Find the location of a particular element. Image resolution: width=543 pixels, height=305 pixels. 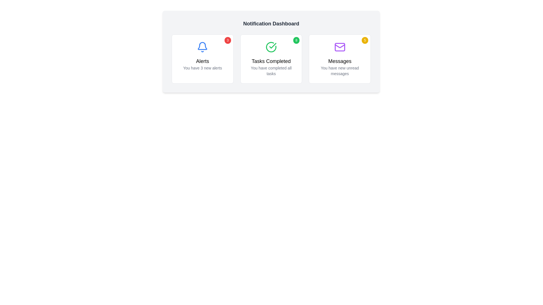

the Static Text Block displaying 'Tasks Completed' with the message 'You have completed all tasks' is located at coordinates (271, 66).